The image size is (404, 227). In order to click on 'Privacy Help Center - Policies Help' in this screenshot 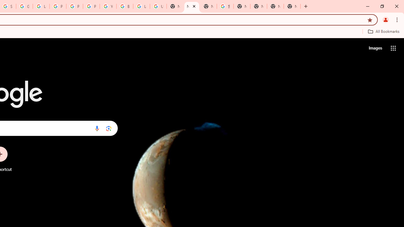, I will do `click(74, 6)`.